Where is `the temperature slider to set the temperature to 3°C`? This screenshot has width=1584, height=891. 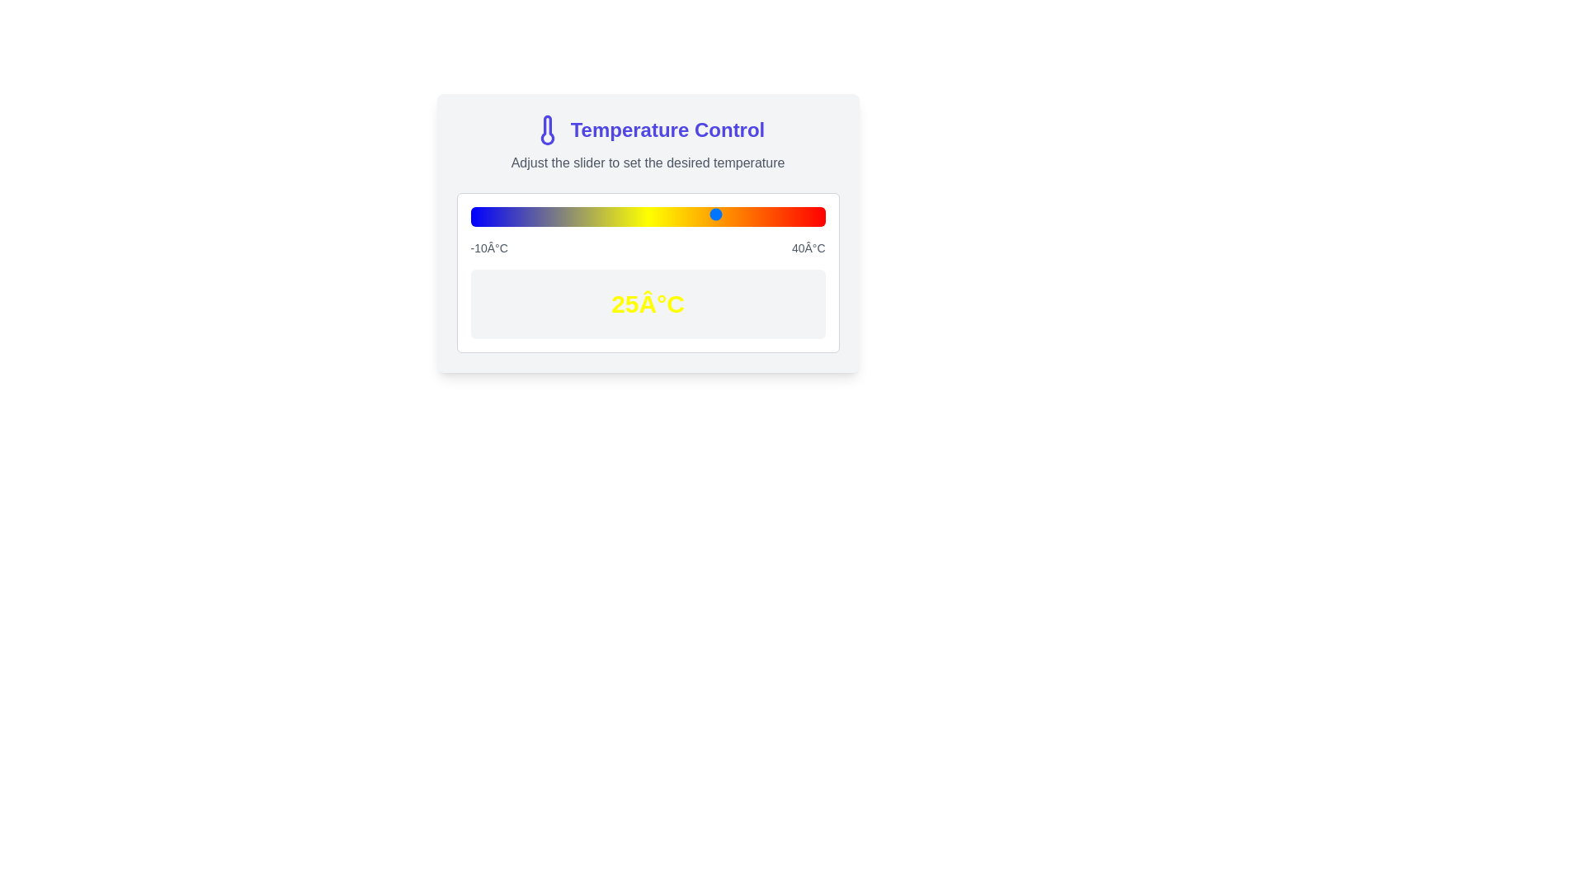
the temperature slider to set the temperature to 3°C is located at coordinates (563, 213).